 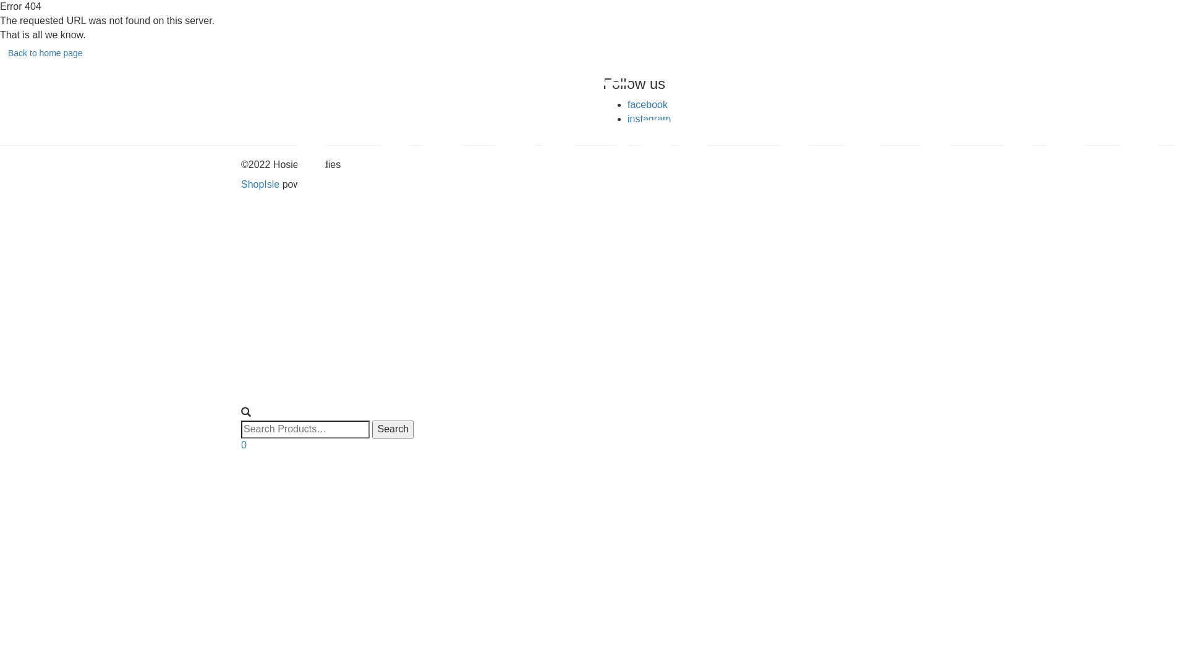 I want to click on 'Back to home page', so click(x=45, y=52).